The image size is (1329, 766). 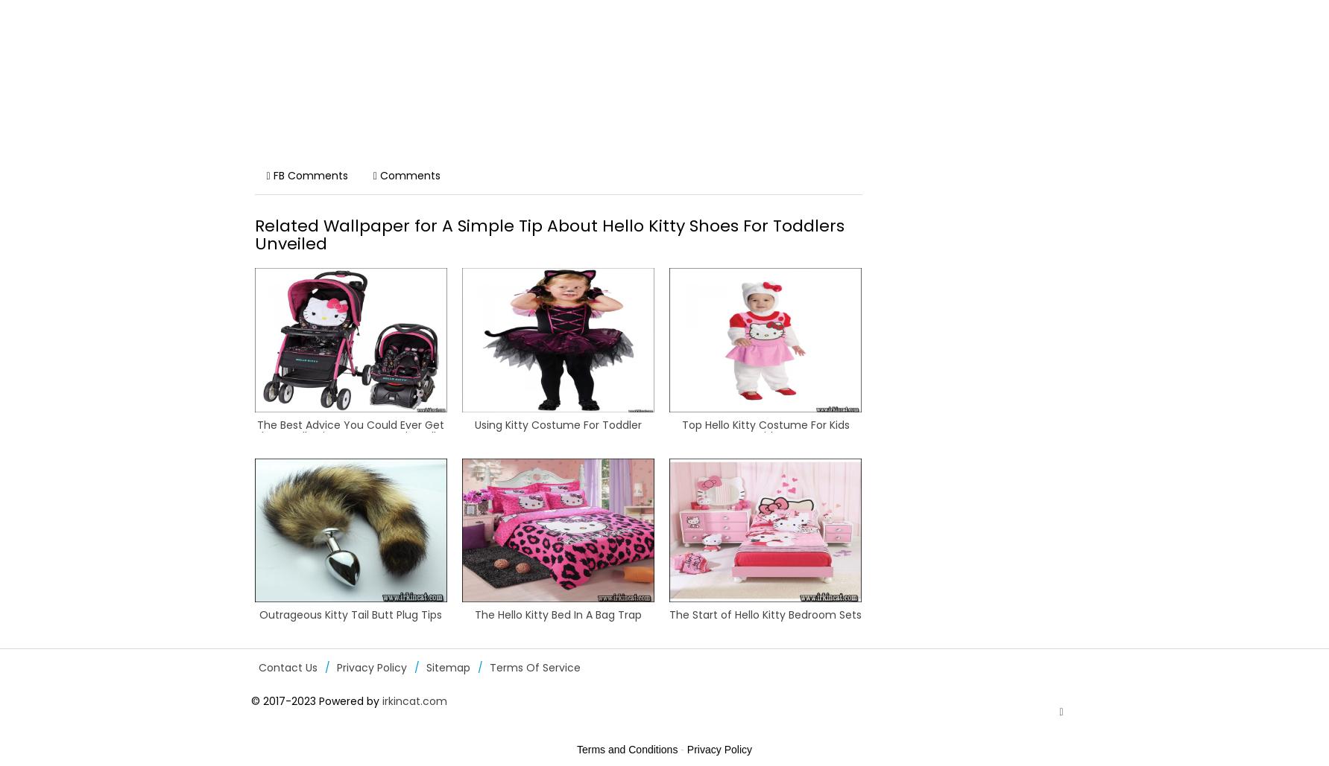 I want to click on 'Sitemap', so click(x=447, y=667).